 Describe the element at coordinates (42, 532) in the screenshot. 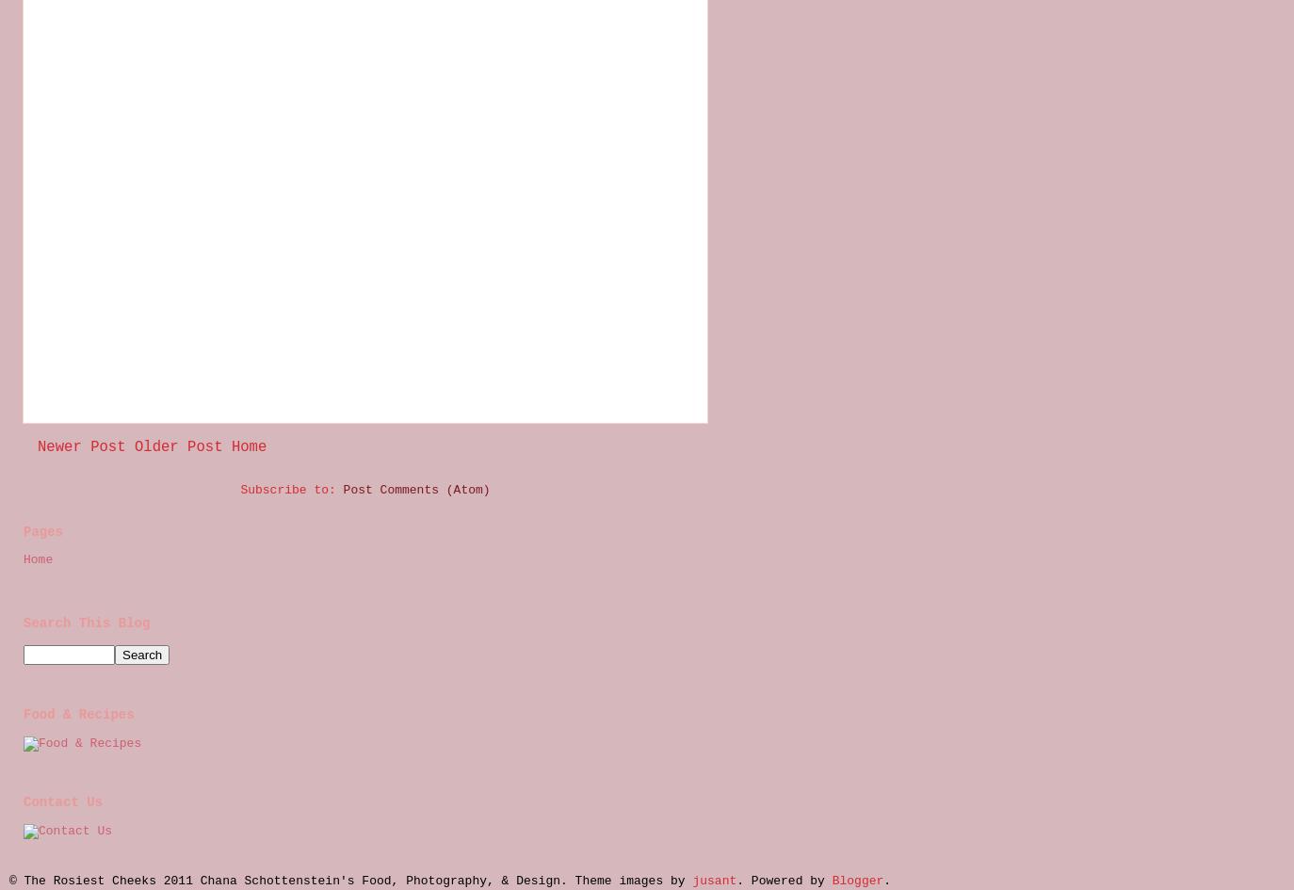

I see `'Pages'` at that location.